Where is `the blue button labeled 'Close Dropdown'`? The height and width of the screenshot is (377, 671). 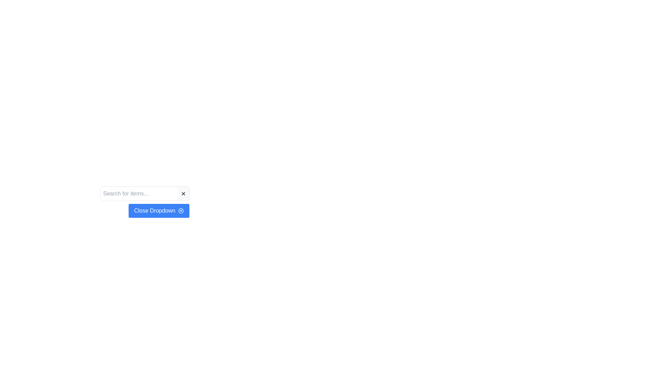
the blue button labeled 'Close Dropdown' is located at coordinates (144, 210).